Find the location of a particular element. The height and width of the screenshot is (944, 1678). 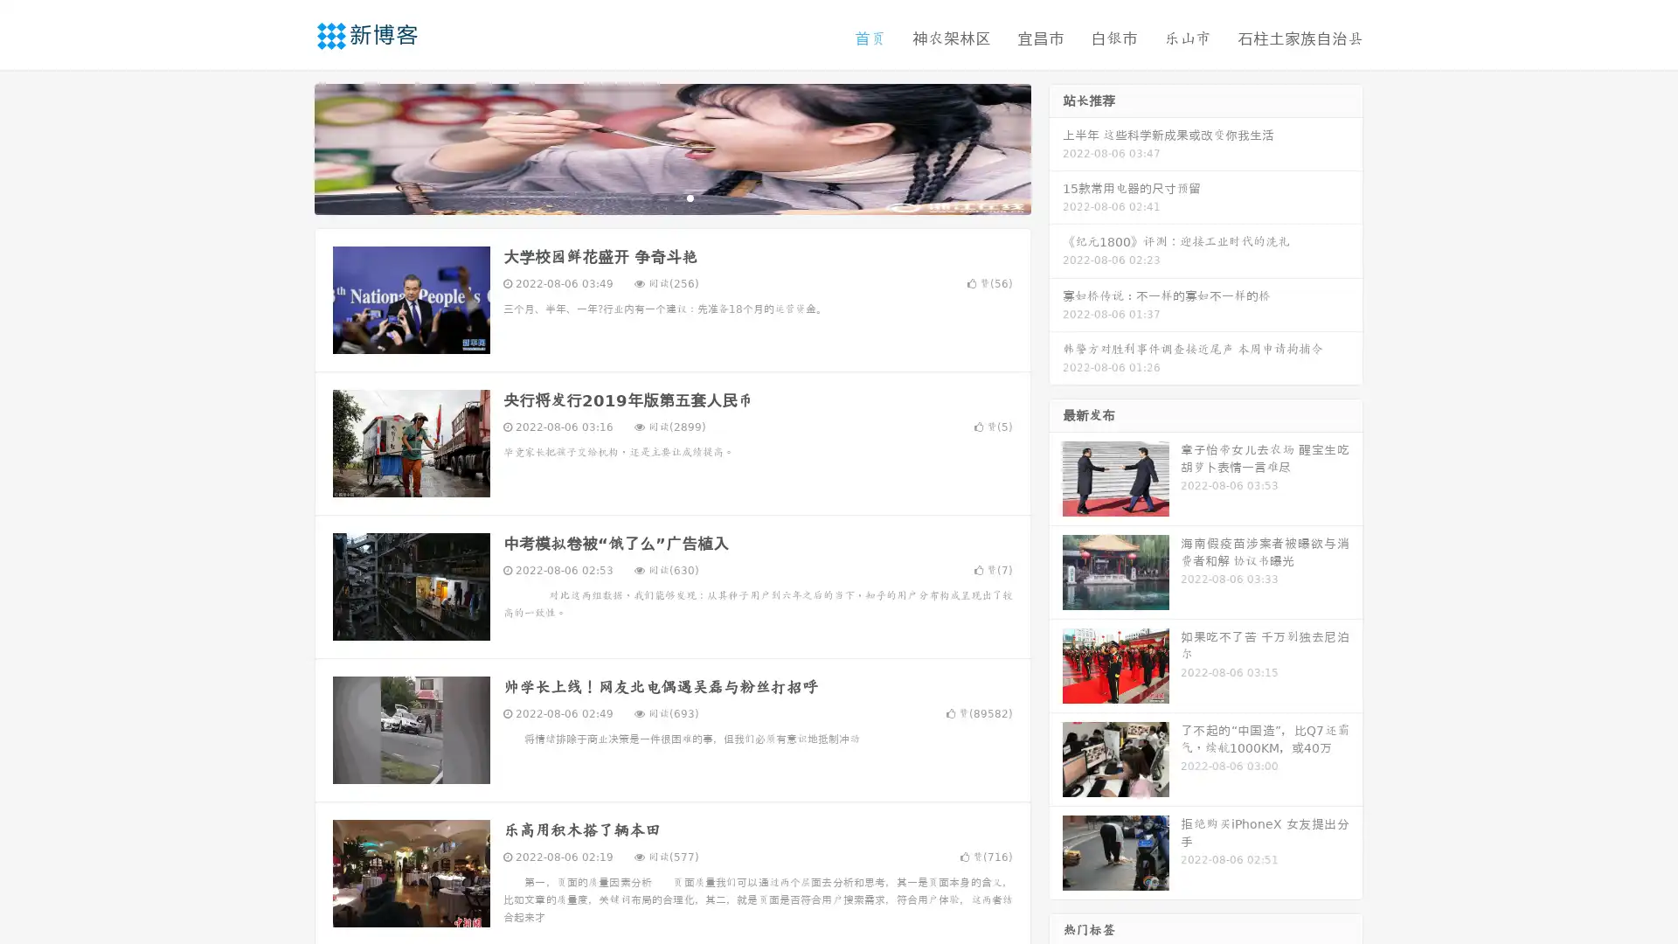

Go to slide 2 is located at coordinates (671, 197).